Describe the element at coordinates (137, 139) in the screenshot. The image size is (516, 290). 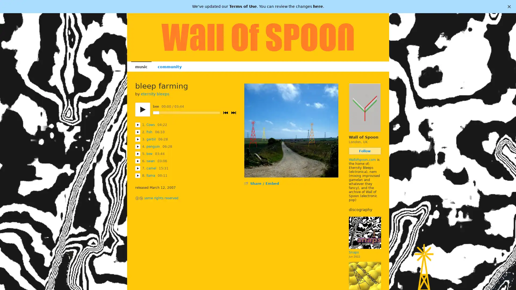
I see `Play gerbil` at that location.